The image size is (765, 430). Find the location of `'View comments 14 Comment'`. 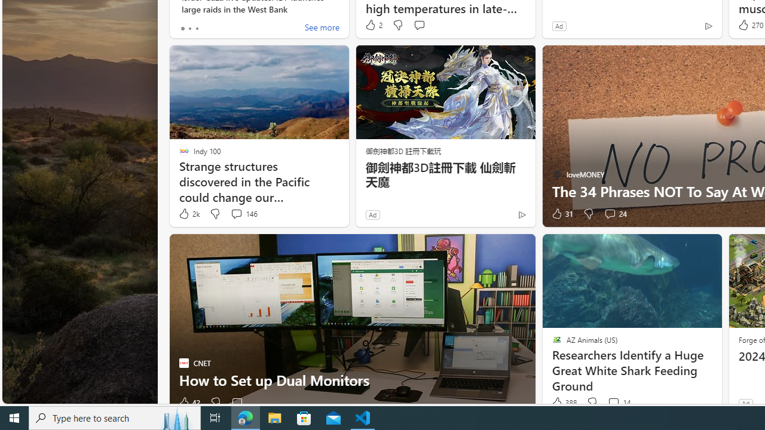

'View comments 14 Comment' is located at coordinates (619, 403).